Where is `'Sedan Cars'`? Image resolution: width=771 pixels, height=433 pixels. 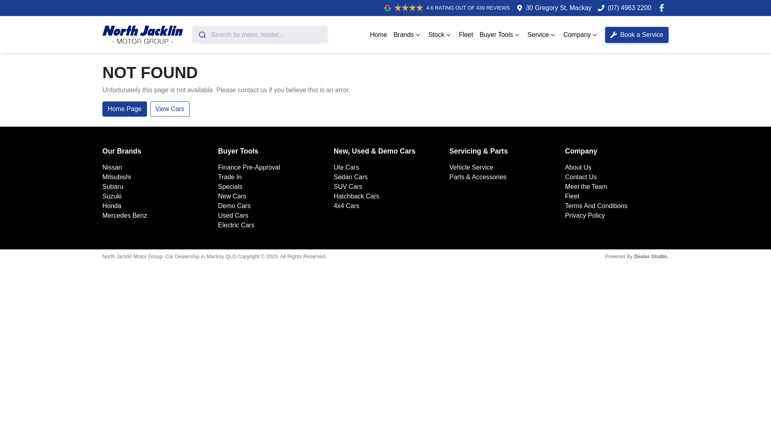 'Sedan Cars' is located at coordinates (351, 176).